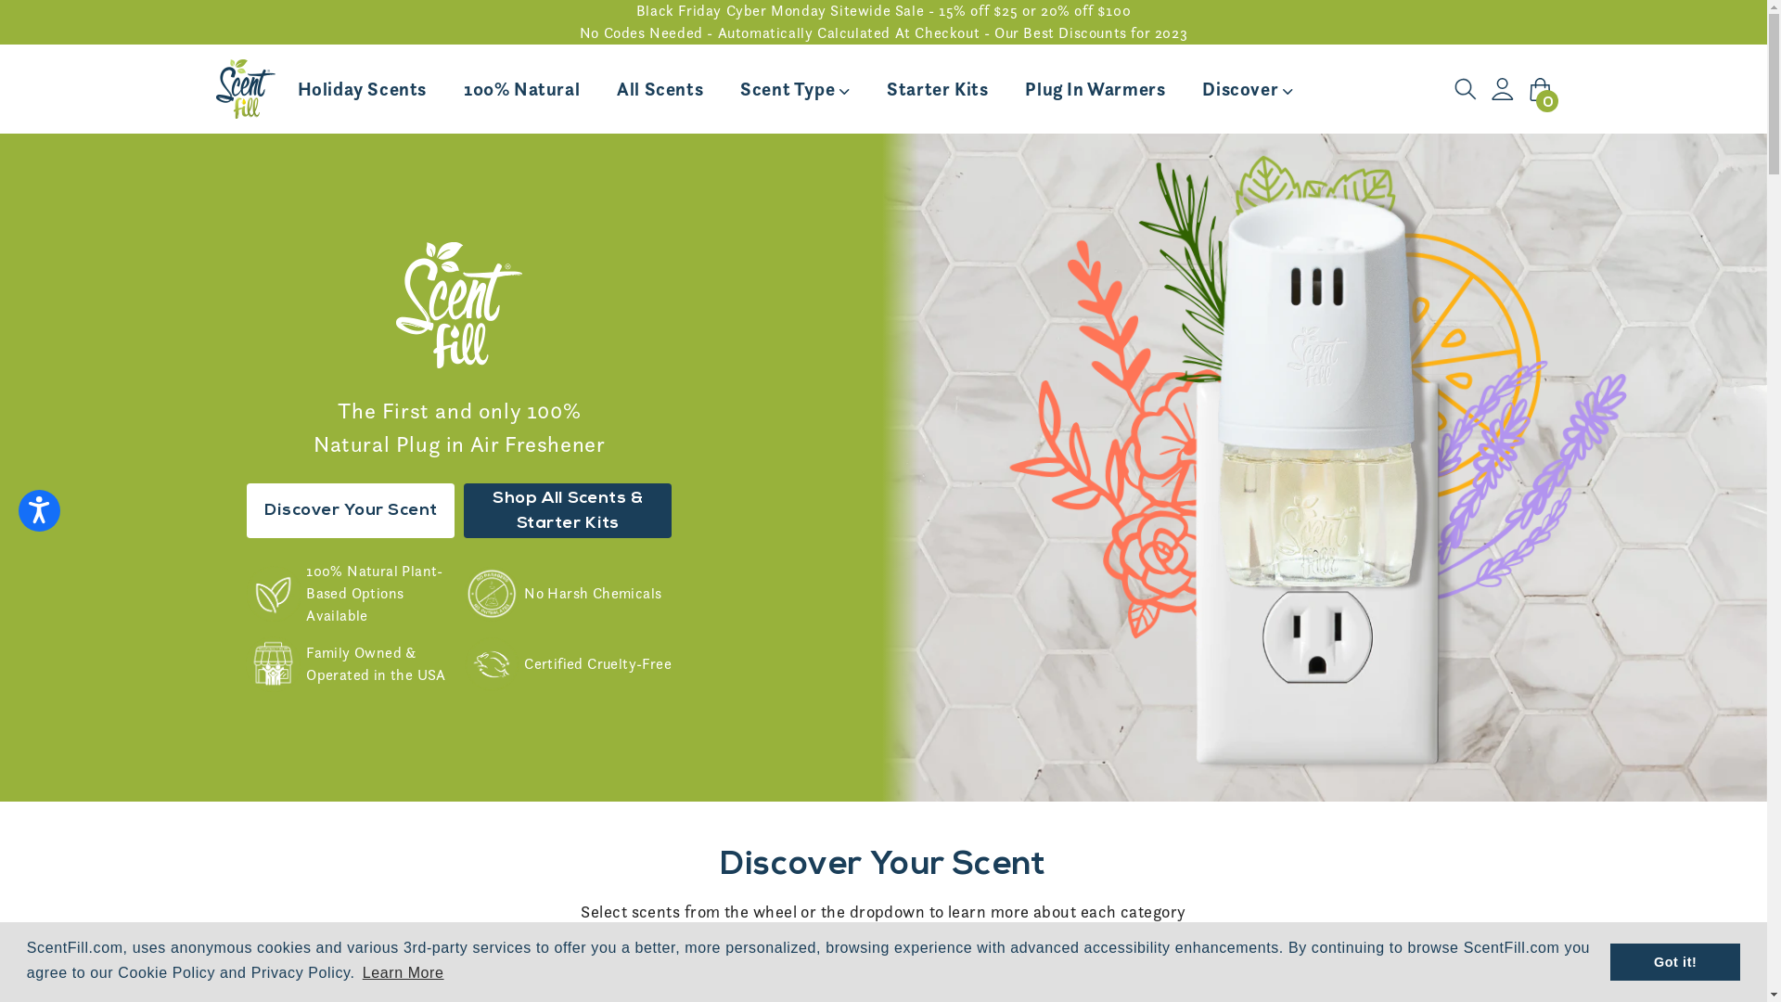  What do you see at coordinates (351, 510) in the screenshot?
I see `'Discover Your Scent'` at bounding box center [351, 510].